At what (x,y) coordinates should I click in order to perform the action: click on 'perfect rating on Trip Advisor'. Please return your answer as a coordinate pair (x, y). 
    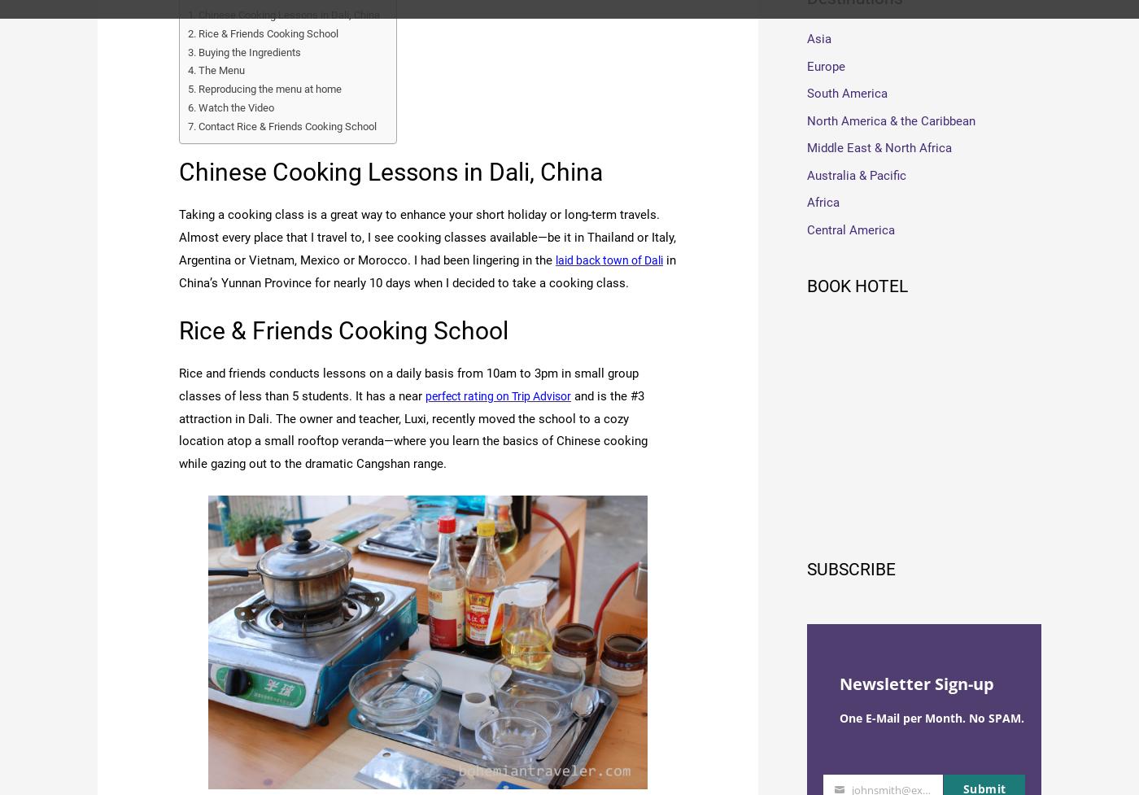
    Looking at the image, I should click on (504, 395).